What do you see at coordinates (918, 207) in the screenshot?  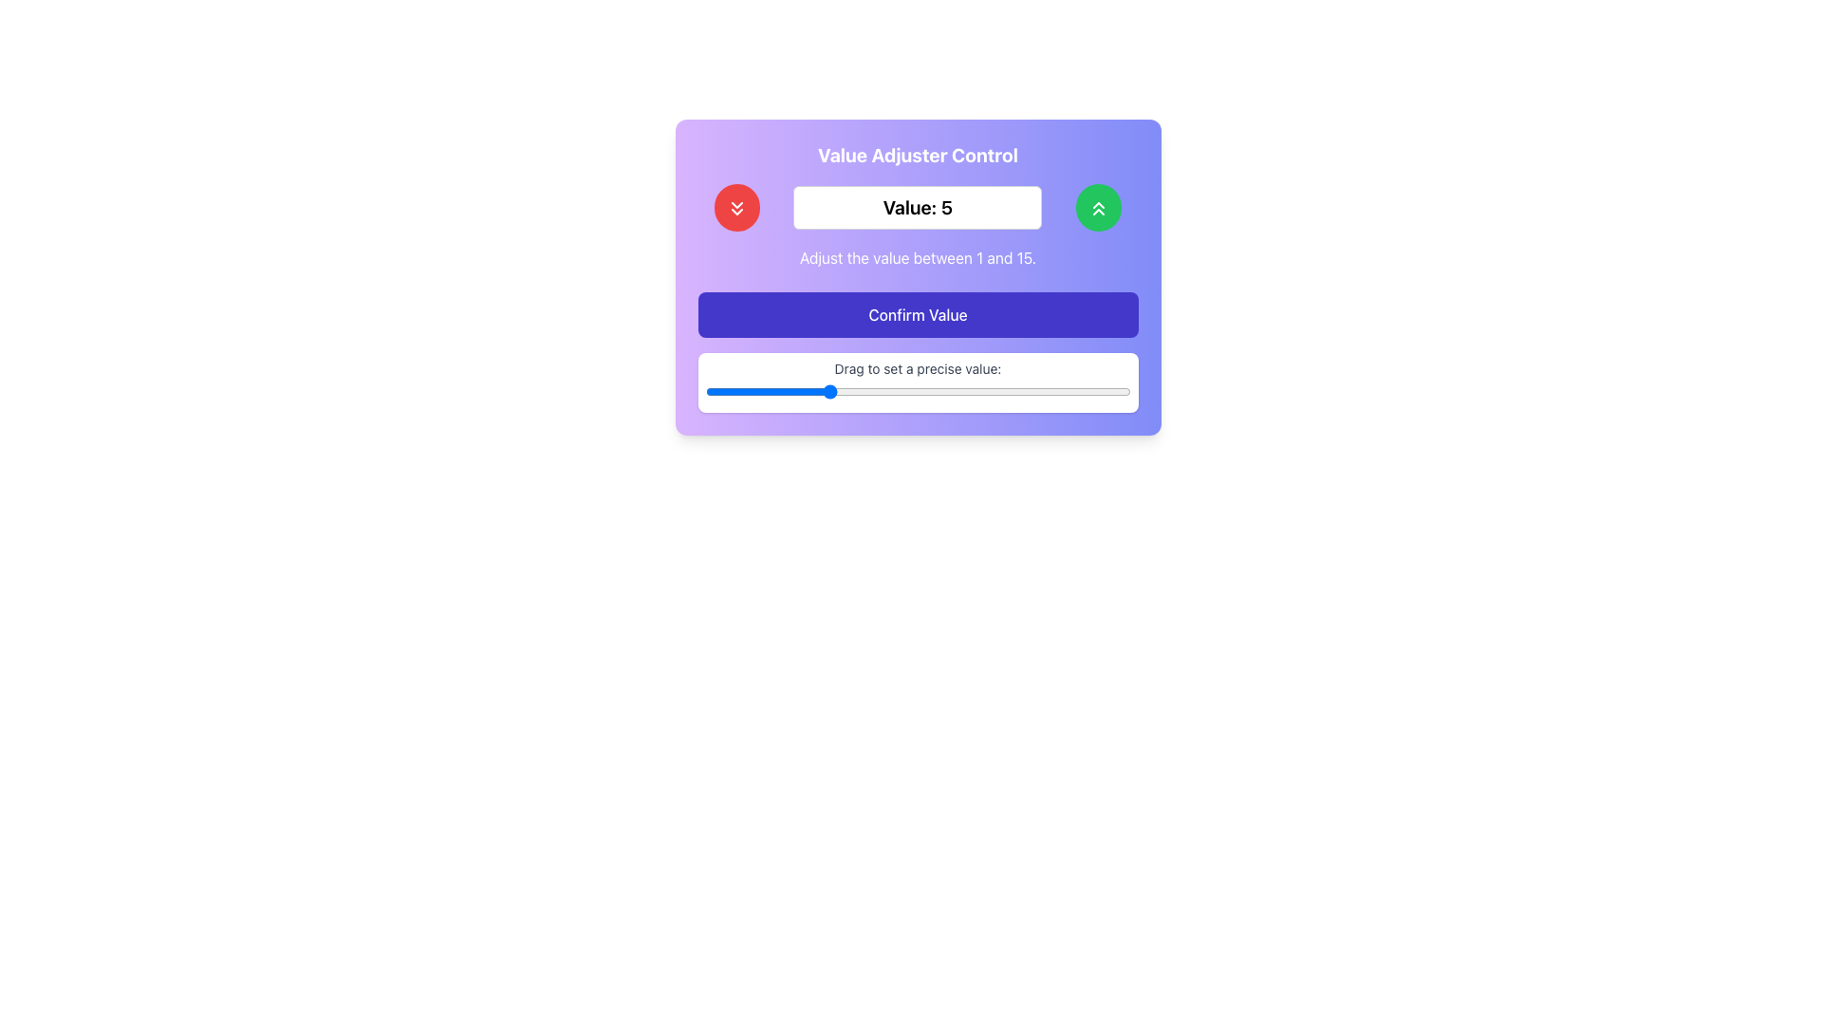 I see `the displayed value in the text input field that shows 'Value: 5'` at bounding box center [918, 207].